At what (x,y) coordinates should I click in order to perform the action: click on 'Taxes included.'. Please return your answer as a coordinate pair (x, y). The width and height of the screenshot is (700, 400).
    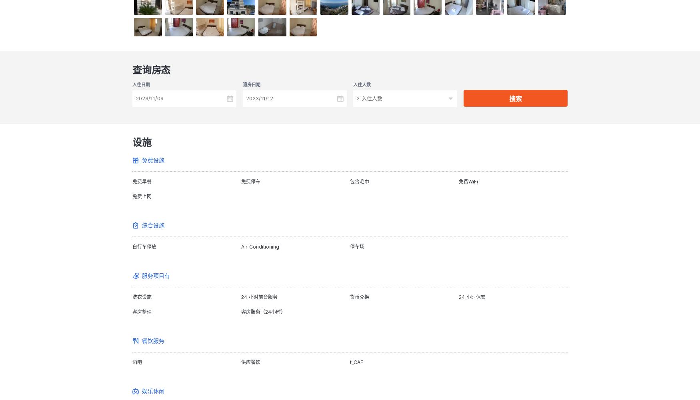
    Looking at the image, I should click on (269, 113).